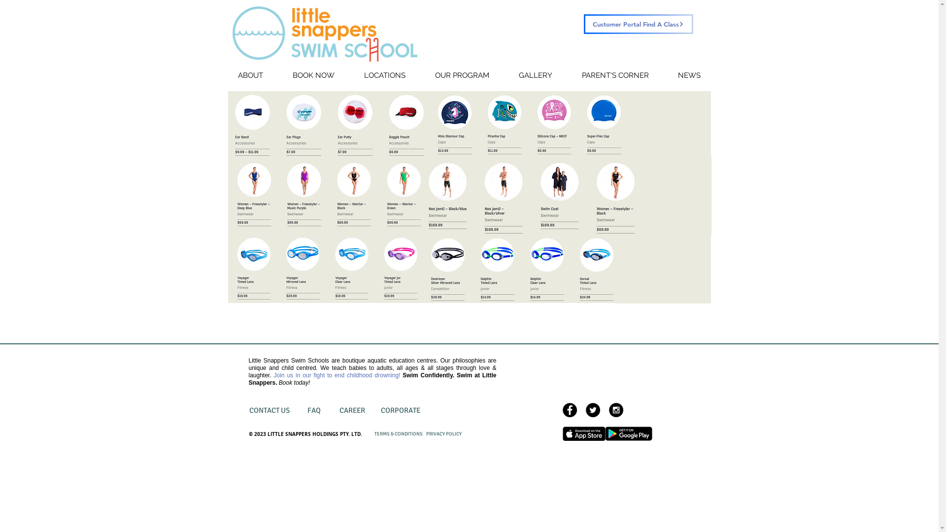  I want to click on 'NEWS', so click(688, 75).